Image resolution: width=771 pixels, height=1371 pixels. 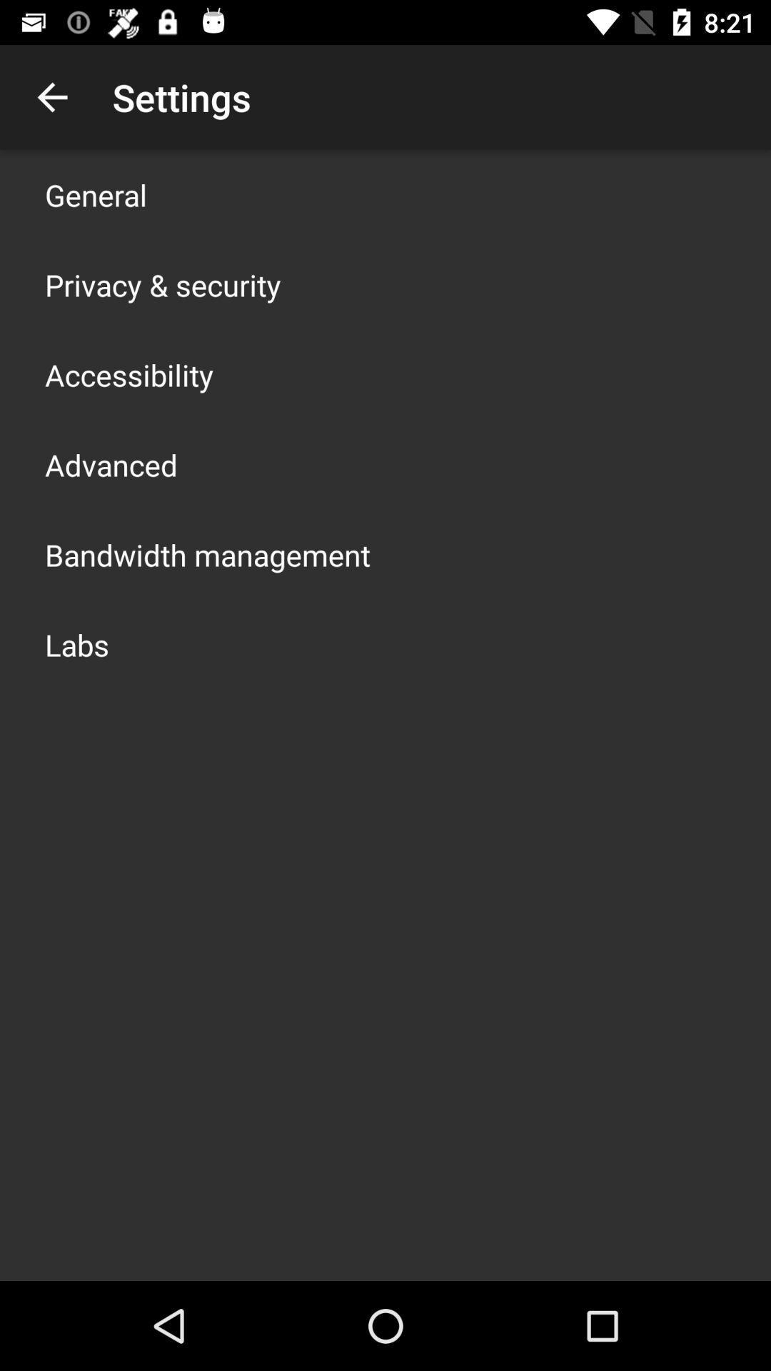 What do you see at coordinates (51, 96) in the screenshot?
I see `the icon above the general` at bounding box center [51, 96].